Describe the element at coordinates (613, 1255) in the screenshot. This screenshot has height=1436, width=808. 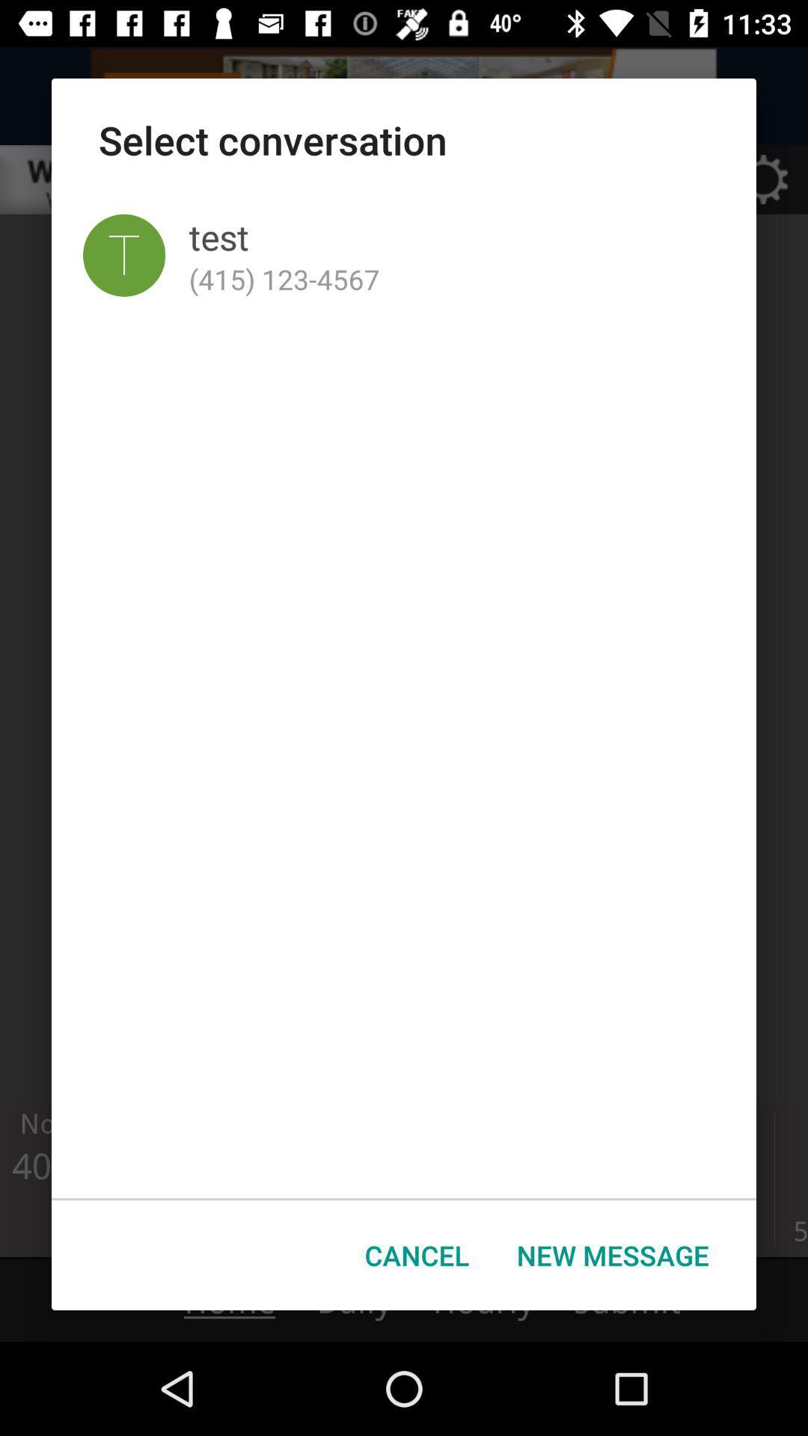
I see `new message icon` at that location.